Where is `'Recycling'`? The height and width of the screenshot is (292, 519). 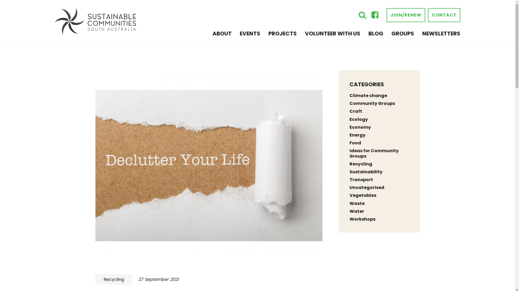 'Recycling' is located at coordinates (95, 279).